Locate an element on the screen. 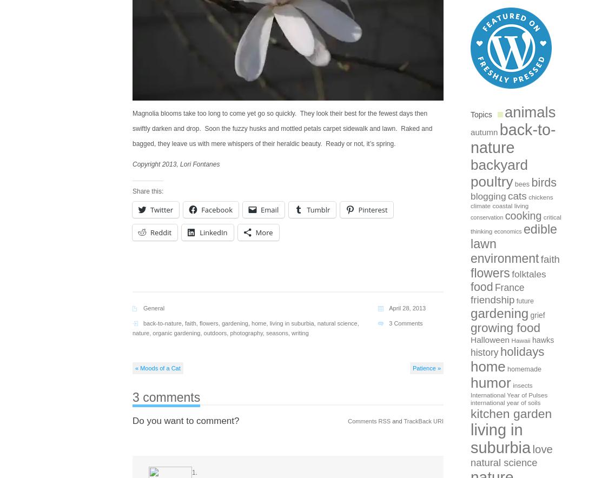 The height and width of the screenshot is (478, 595). 'Copyright 2013, Lori Fontanes' is located at coordinates (175, 164).